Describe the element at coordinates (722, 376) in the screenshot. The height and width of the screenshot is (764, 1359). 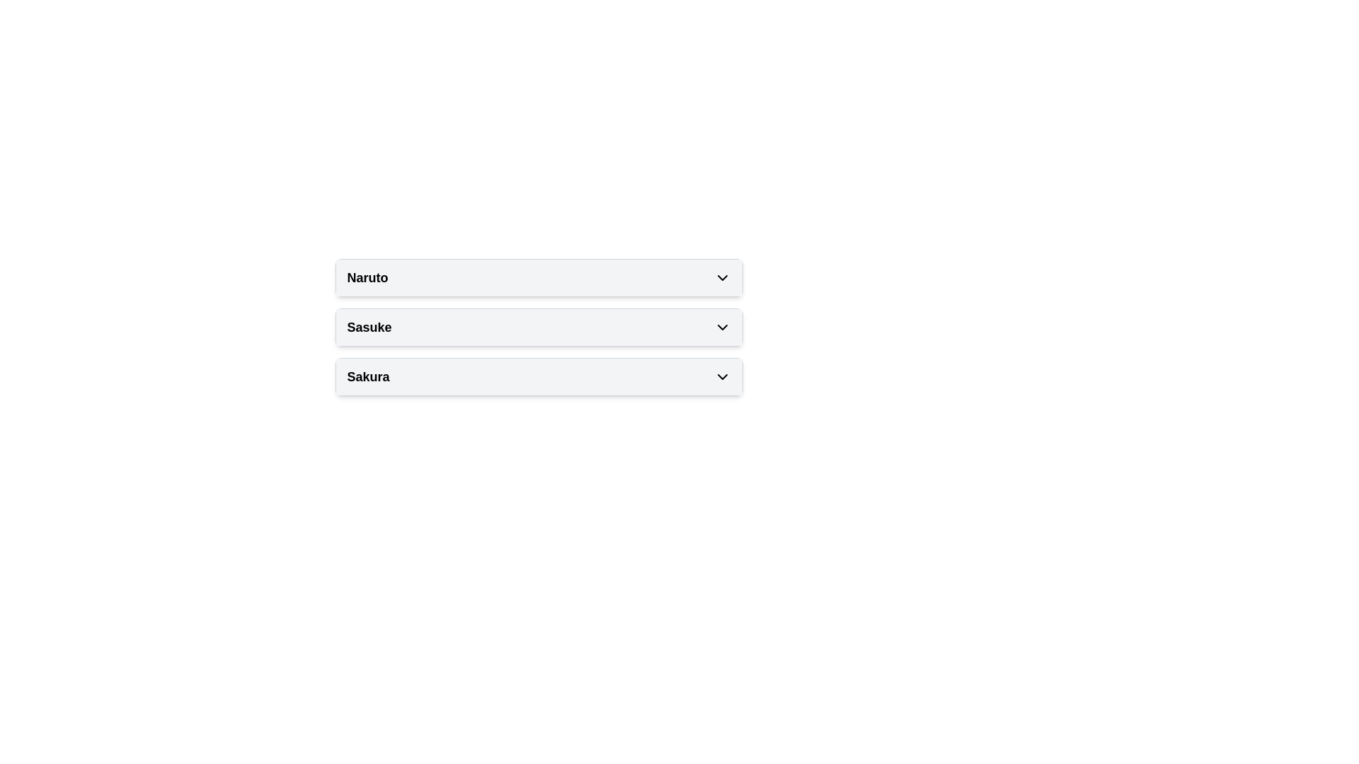
I see `the dropdown toggle icon located at the rightmost edge of the gray bar containing the text 'Sakura'` at that location.